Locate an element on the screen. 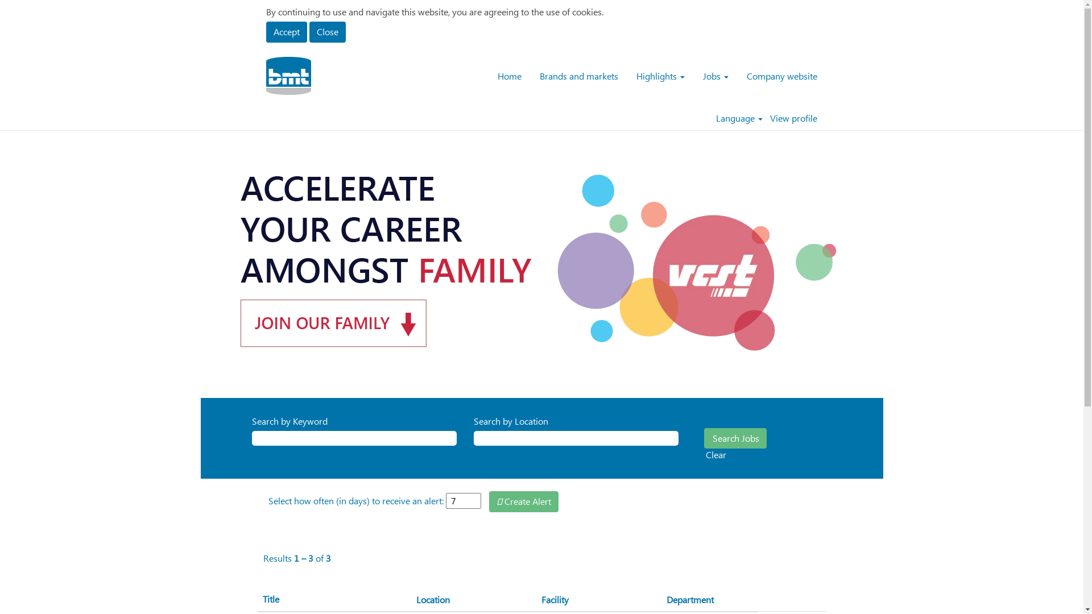  'View profile' is located at coordinates (792, 118).